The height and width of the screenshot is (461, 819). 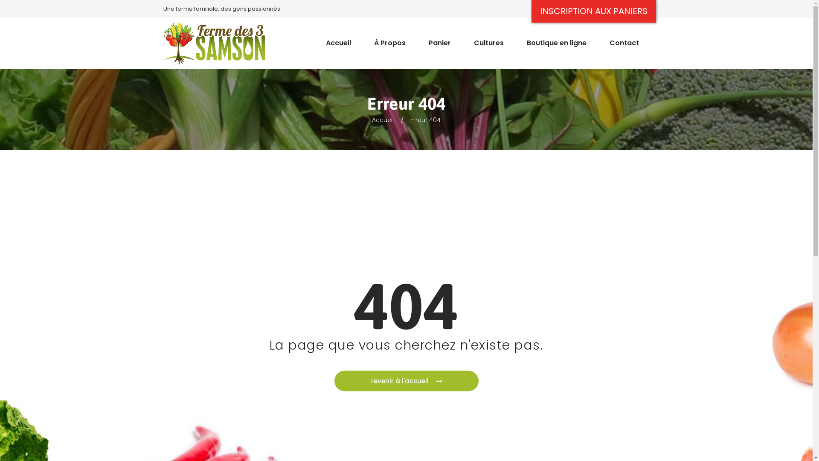 What do you see at coordinates (489, 39) in the screenshot?
I see `'Cultures'` at bounding box center [489, 39].